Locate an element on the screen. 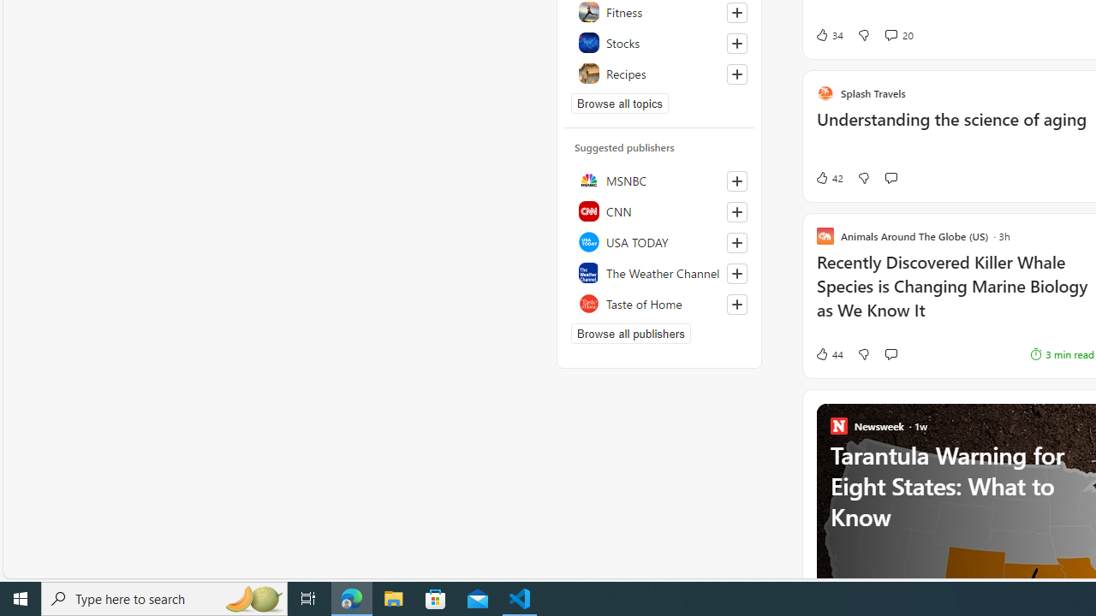 The image size is (1096, 616). 'Visual Studio Code - 1 running window' is located at coordinates (519, 597).